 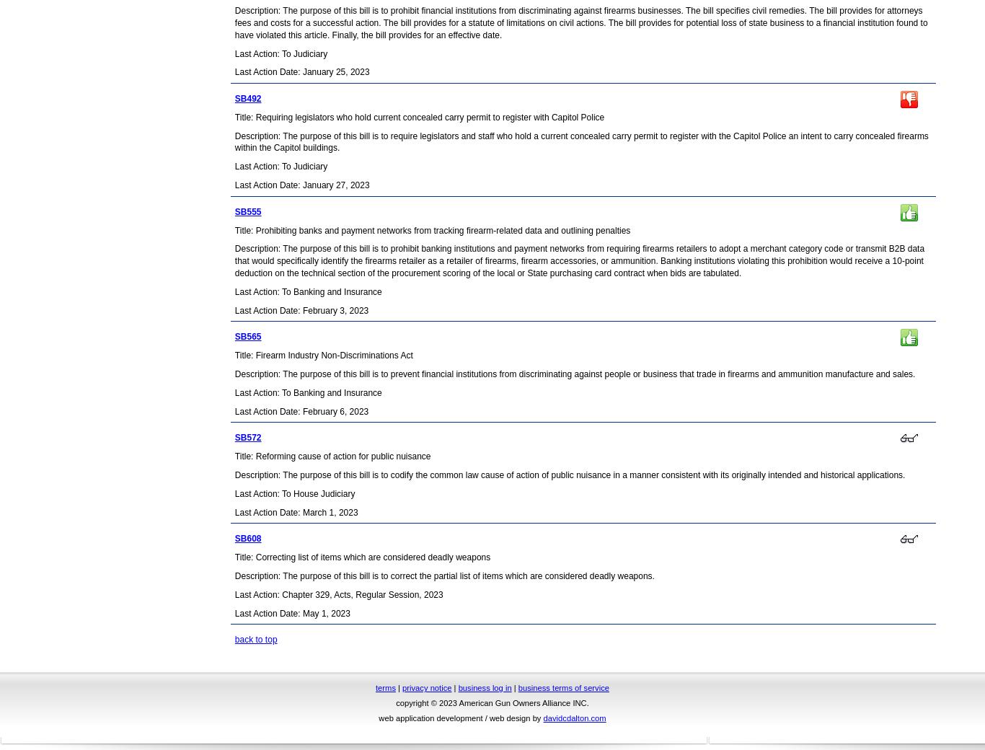 I want to click on 'SB572', so click(x=247, y=437).